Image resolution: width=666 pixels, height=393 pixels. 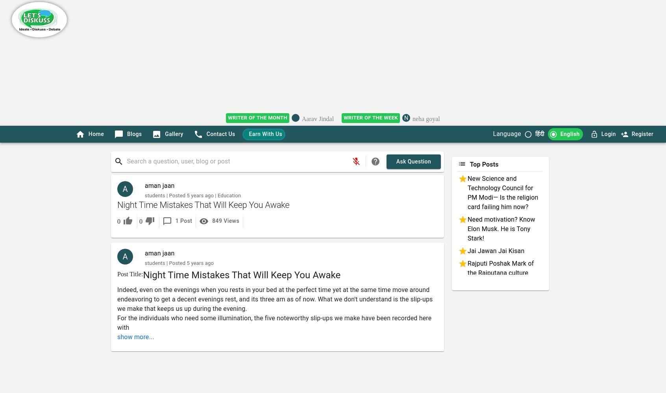 I want to click on 'Indeed, even on the evenings when you rests in your bed at the perfect time yet at the same time move around endeavoring to get a decent evenings rest, and its three am as of now. What we don't understand is the slip-ups we make that keeps us up during the evening.', so click(x=275, y=299).